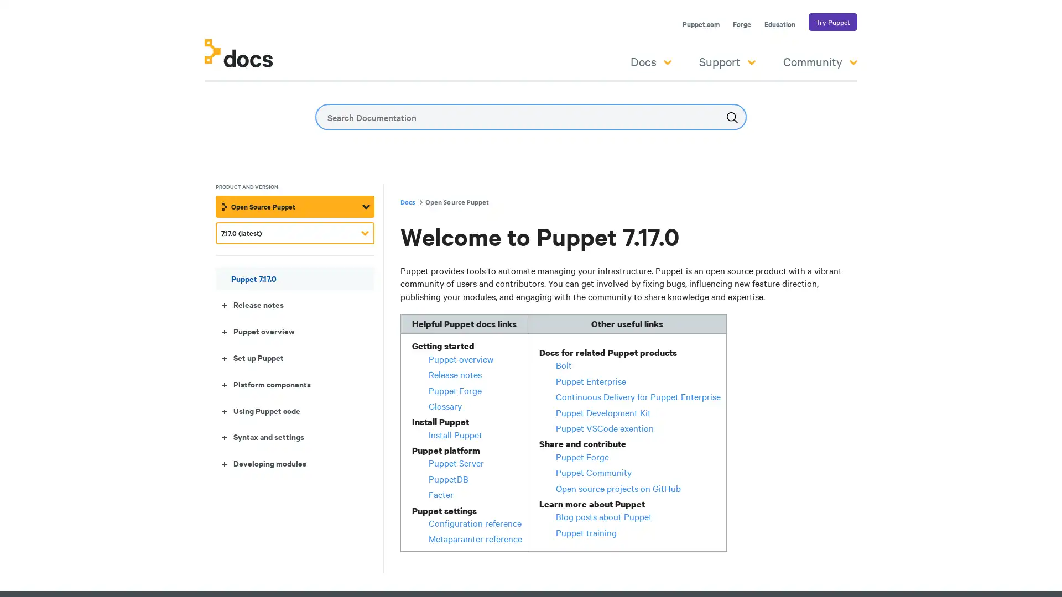 Image resolution: width=1062 pixels, height=597 pixels. I want to click on Community, so click(820, 67).